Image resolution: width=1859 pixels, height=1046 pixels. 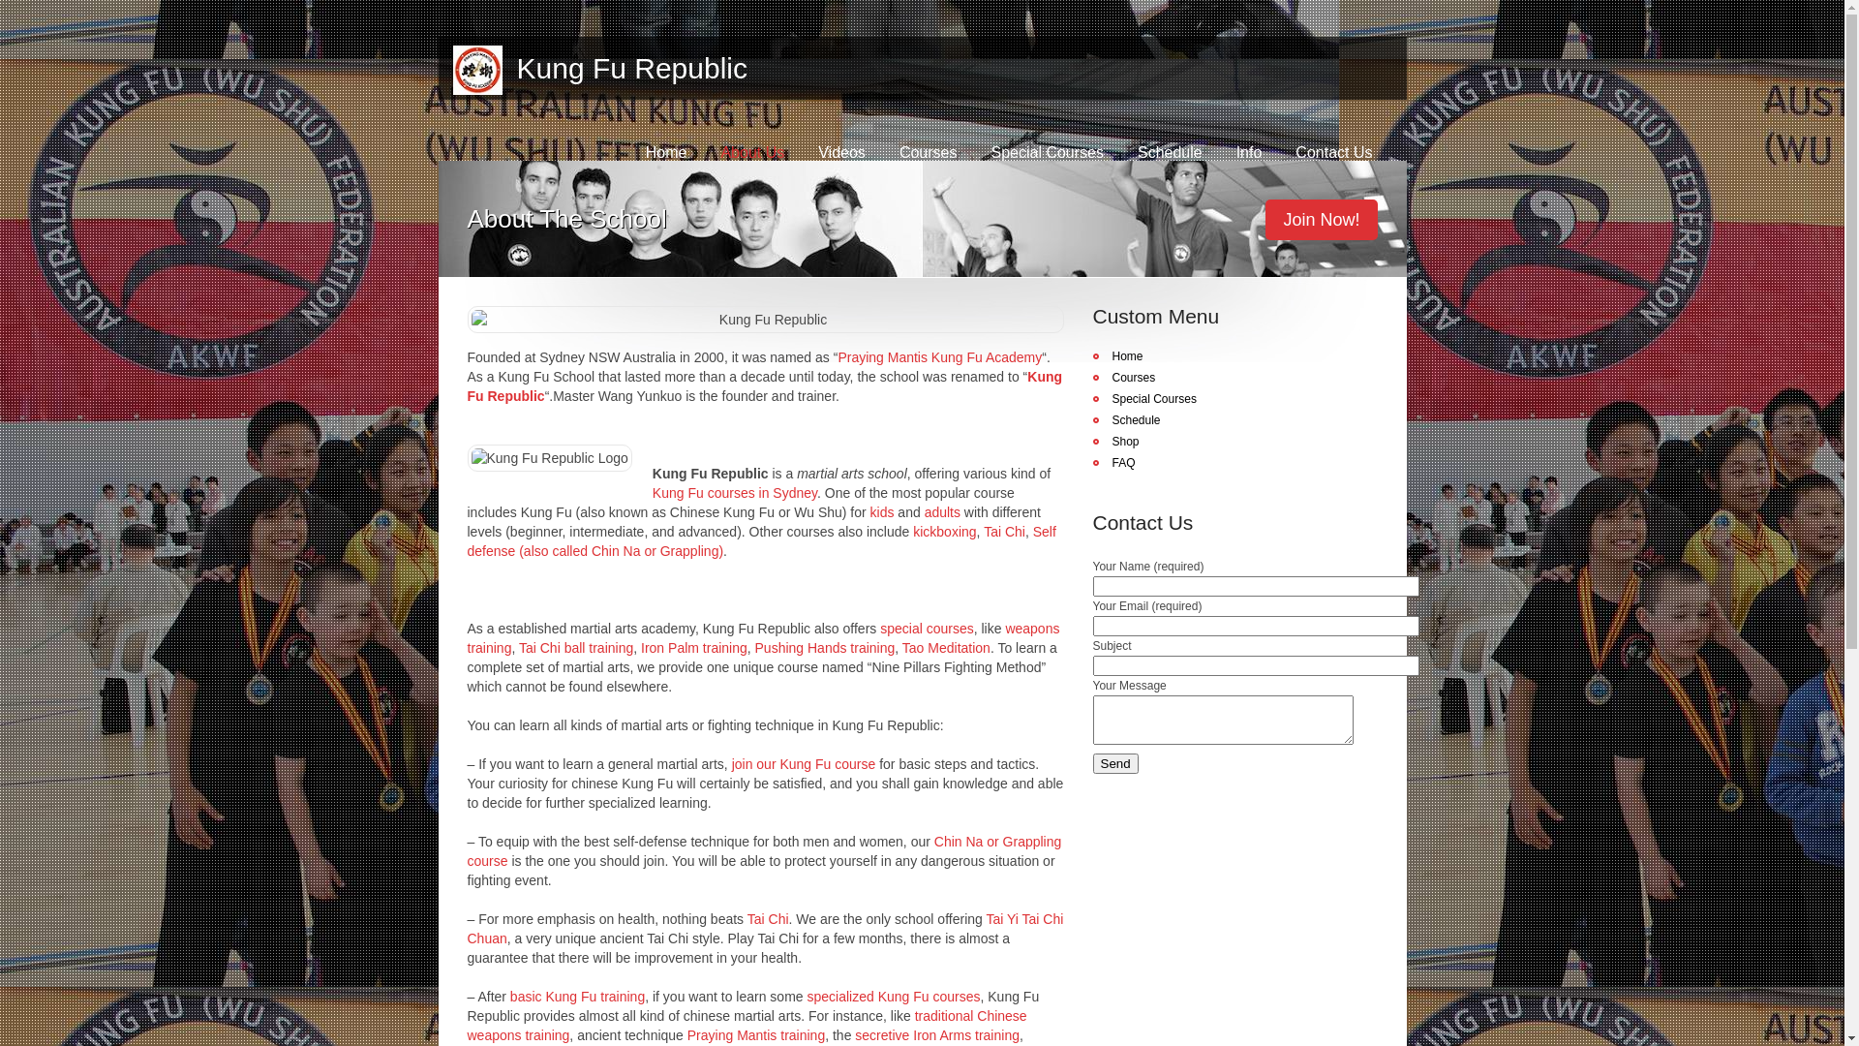 I want to click on 'Kung Fu courses in Sydney', so click(x=733, y=492).